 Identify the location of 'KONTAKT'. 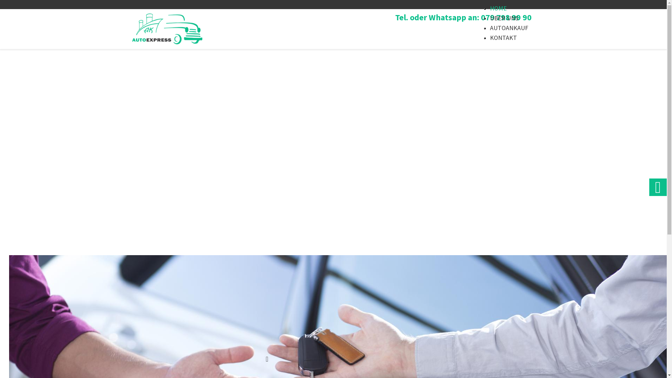
(490, 37).